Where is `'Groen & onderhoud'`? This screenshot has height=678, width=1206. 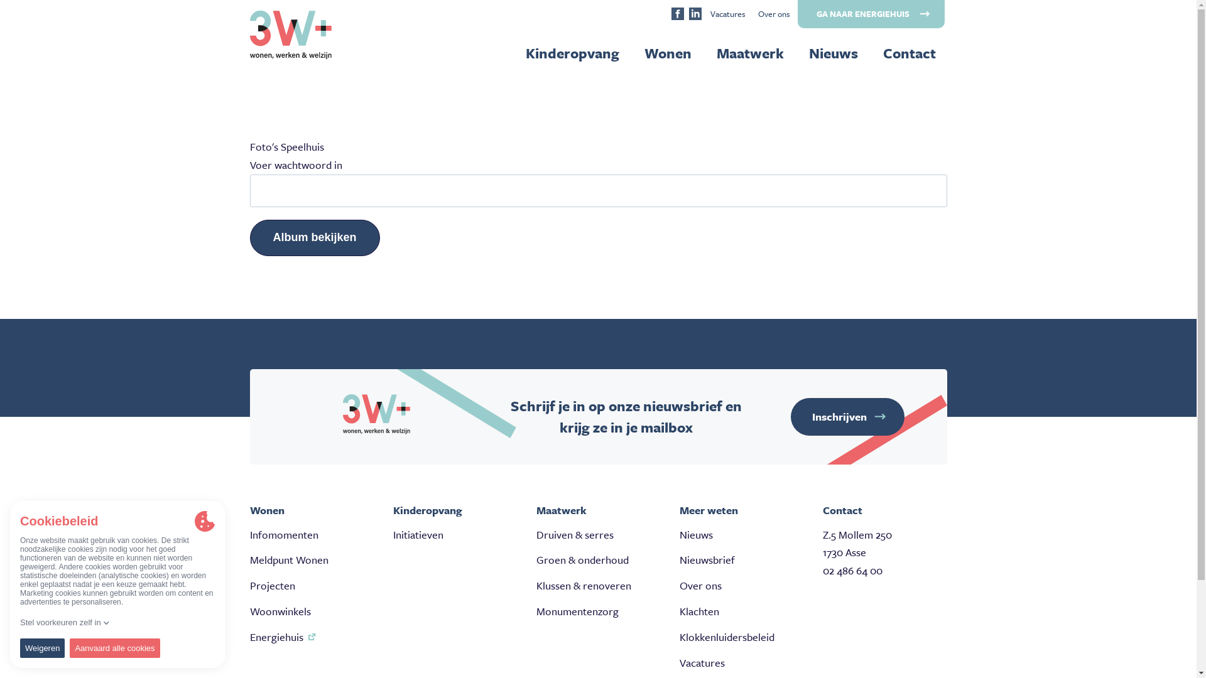
'Groen & onderhoud' is located at coordinates (582, 559).